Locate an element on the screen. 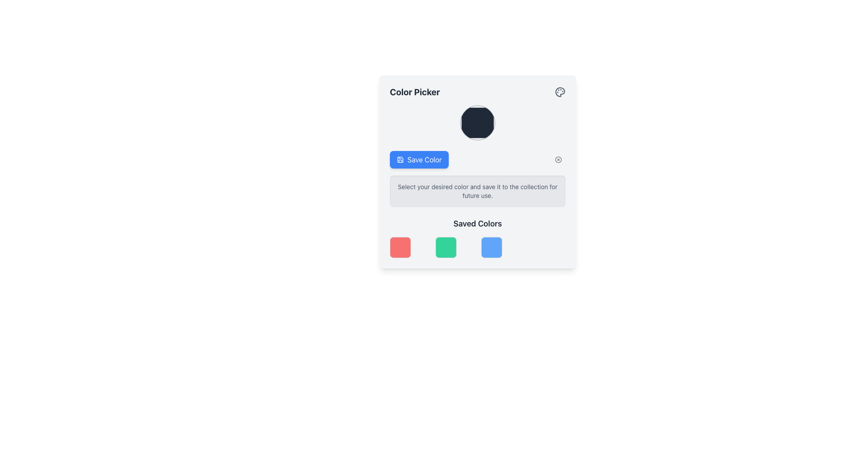 The width and height of the screenshot is (843, 474). the informational text element located centrally beneath the 'Save Color' button and above the 'Saved Colors' section is located at coordinates (477, 190).